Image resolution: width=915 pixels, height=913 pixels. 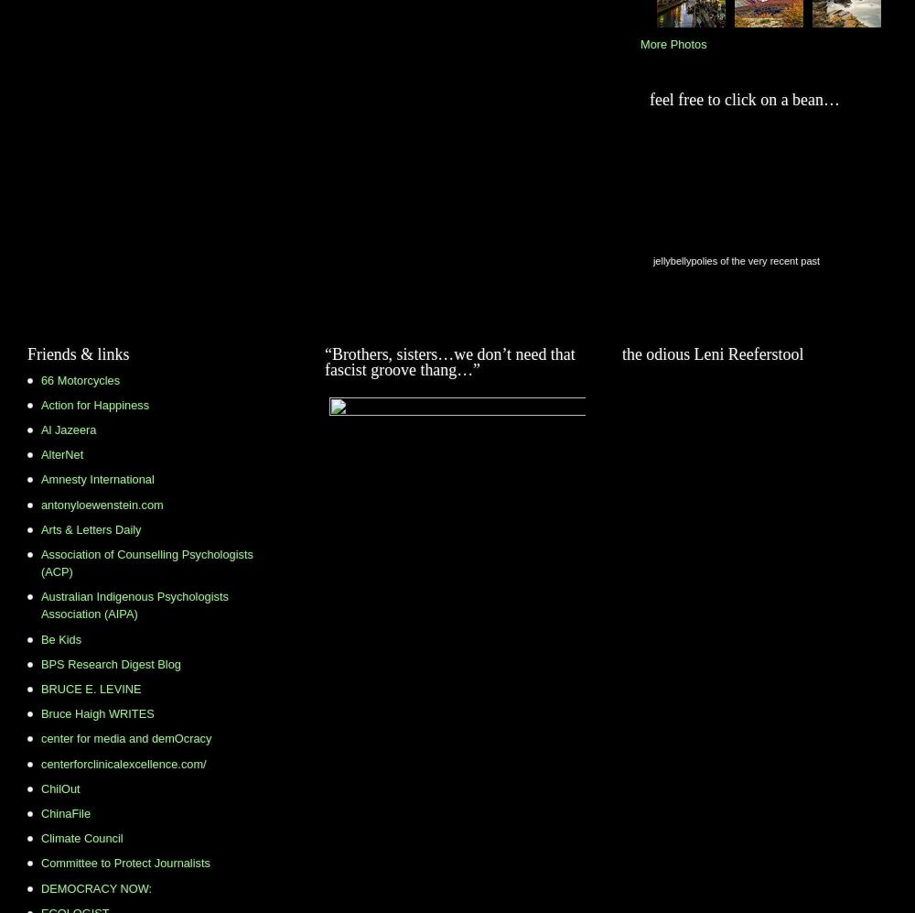 What do you see at coordinates (124, 763) in the screenshot?
I see `'centerforclinicalexcellence.com/'` at bounding box center [124, 763].